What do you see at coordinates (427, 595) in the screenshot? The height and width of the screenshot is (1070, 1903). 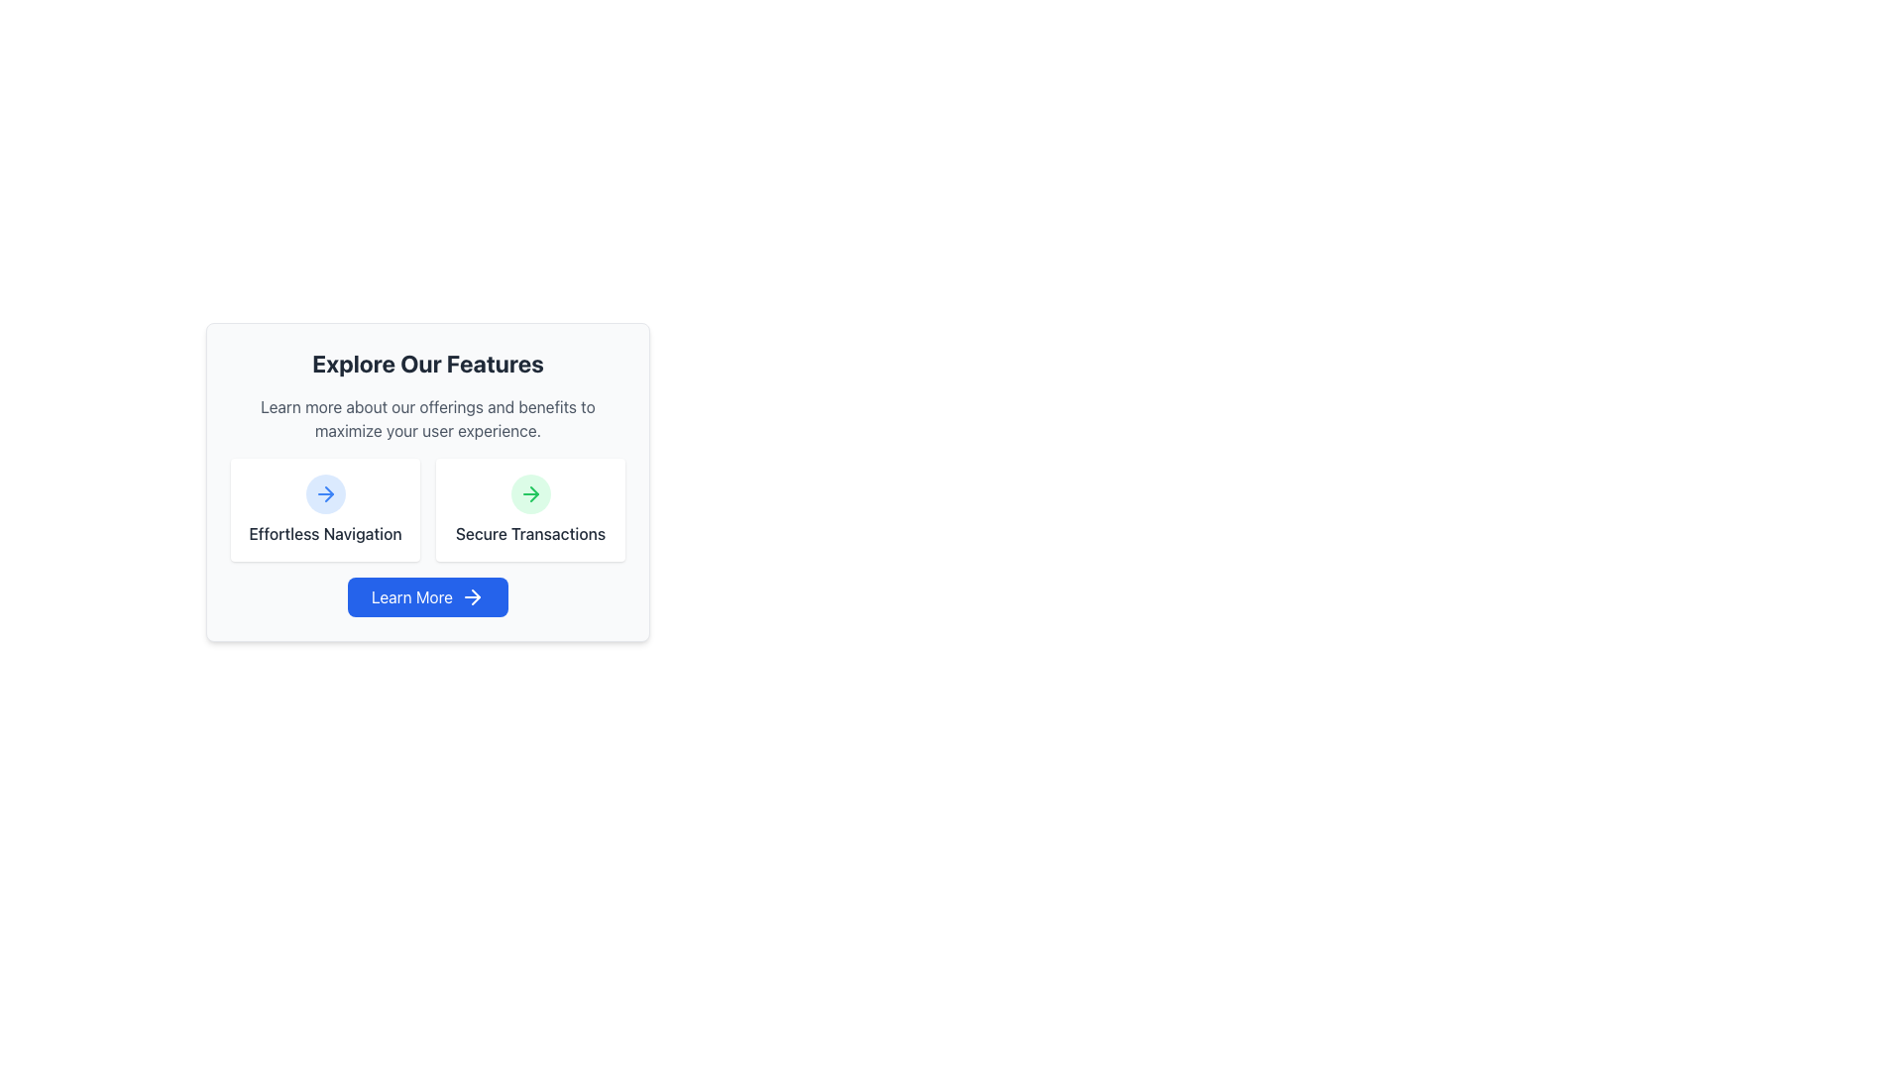 I see `the 'Learn More' button, which is a rectangular button with a blue background and white text, located centrally at the bottom of a card-like section` at bounding box center [427, 595].